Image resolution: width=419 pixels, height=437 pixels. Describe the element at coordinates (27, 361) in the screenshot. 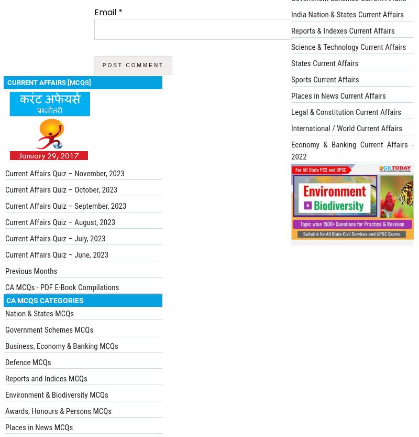

I see `'Defence MCQs'` at that location.